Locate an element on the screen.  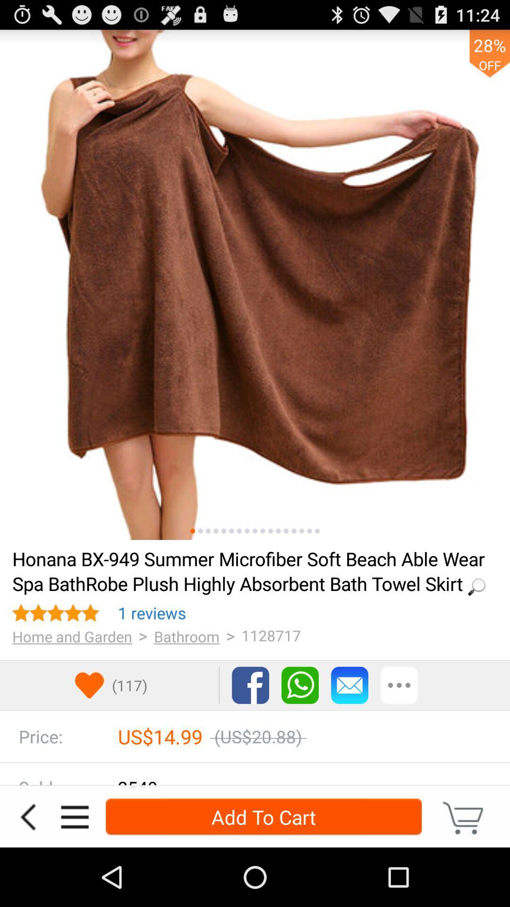
image is located at coordinates (302, 531).